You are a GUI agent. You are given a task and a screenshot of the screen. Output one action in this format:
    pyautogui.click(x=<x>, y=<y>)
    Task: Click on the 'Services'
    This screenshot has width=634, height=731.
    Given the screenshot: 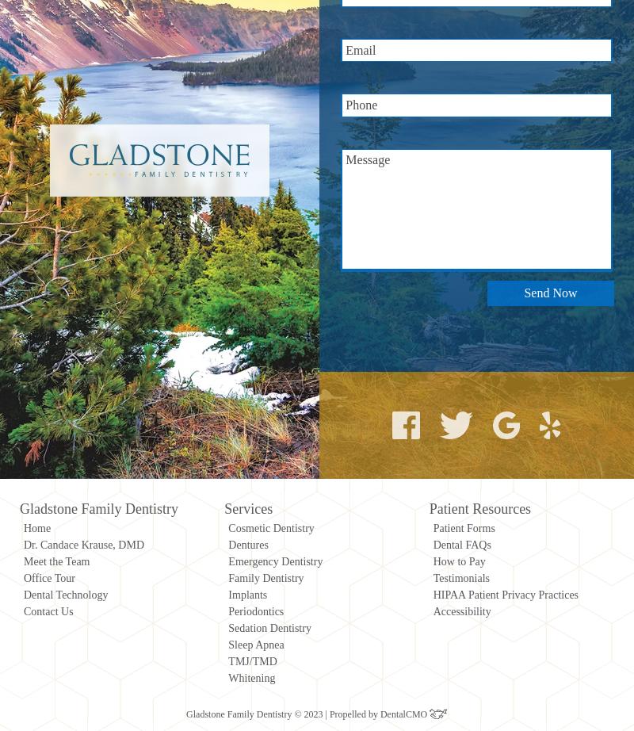 What is the action you would take?
    pyautogui.click(x=247, y=507)
    